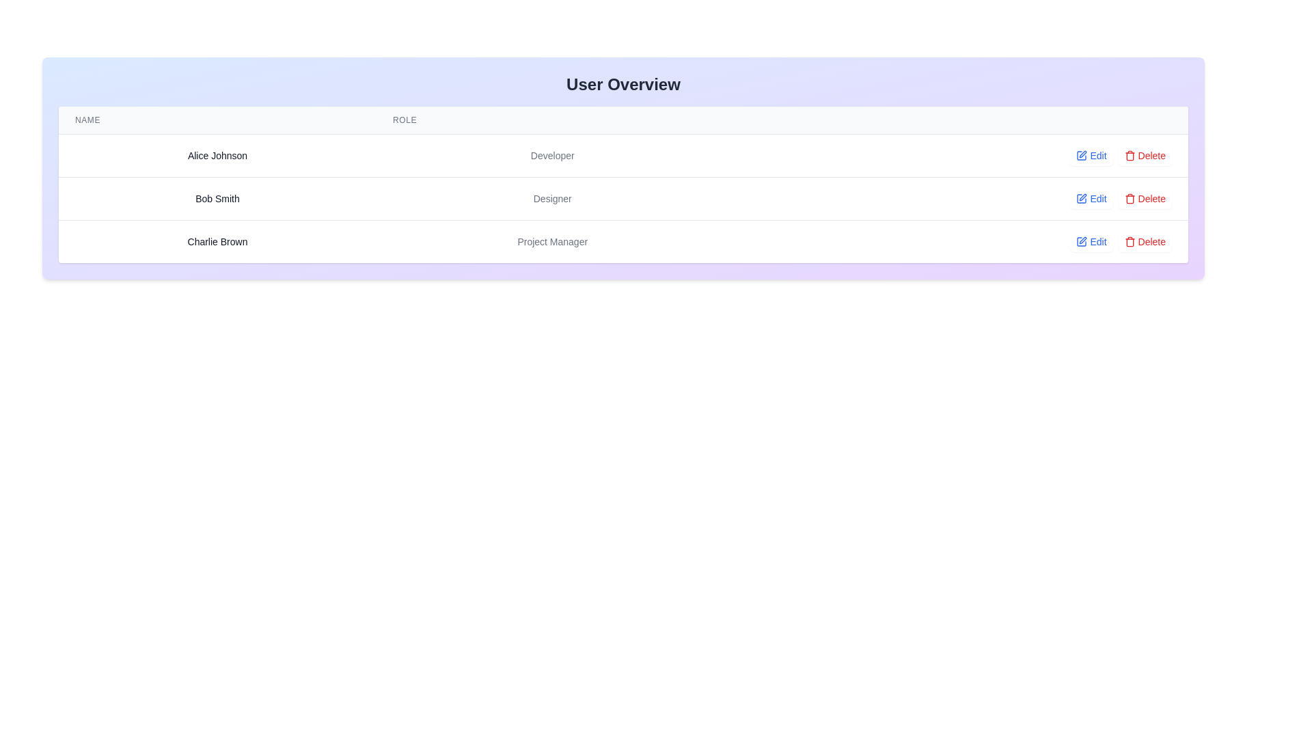  Describe the element at coordinates (957, 198) in the screenshot. I see `the 'Delete' button, which is visually distinct with red text, located on the right side of the row containing user information 'Bob Smith' and 'Designer'` at that location.